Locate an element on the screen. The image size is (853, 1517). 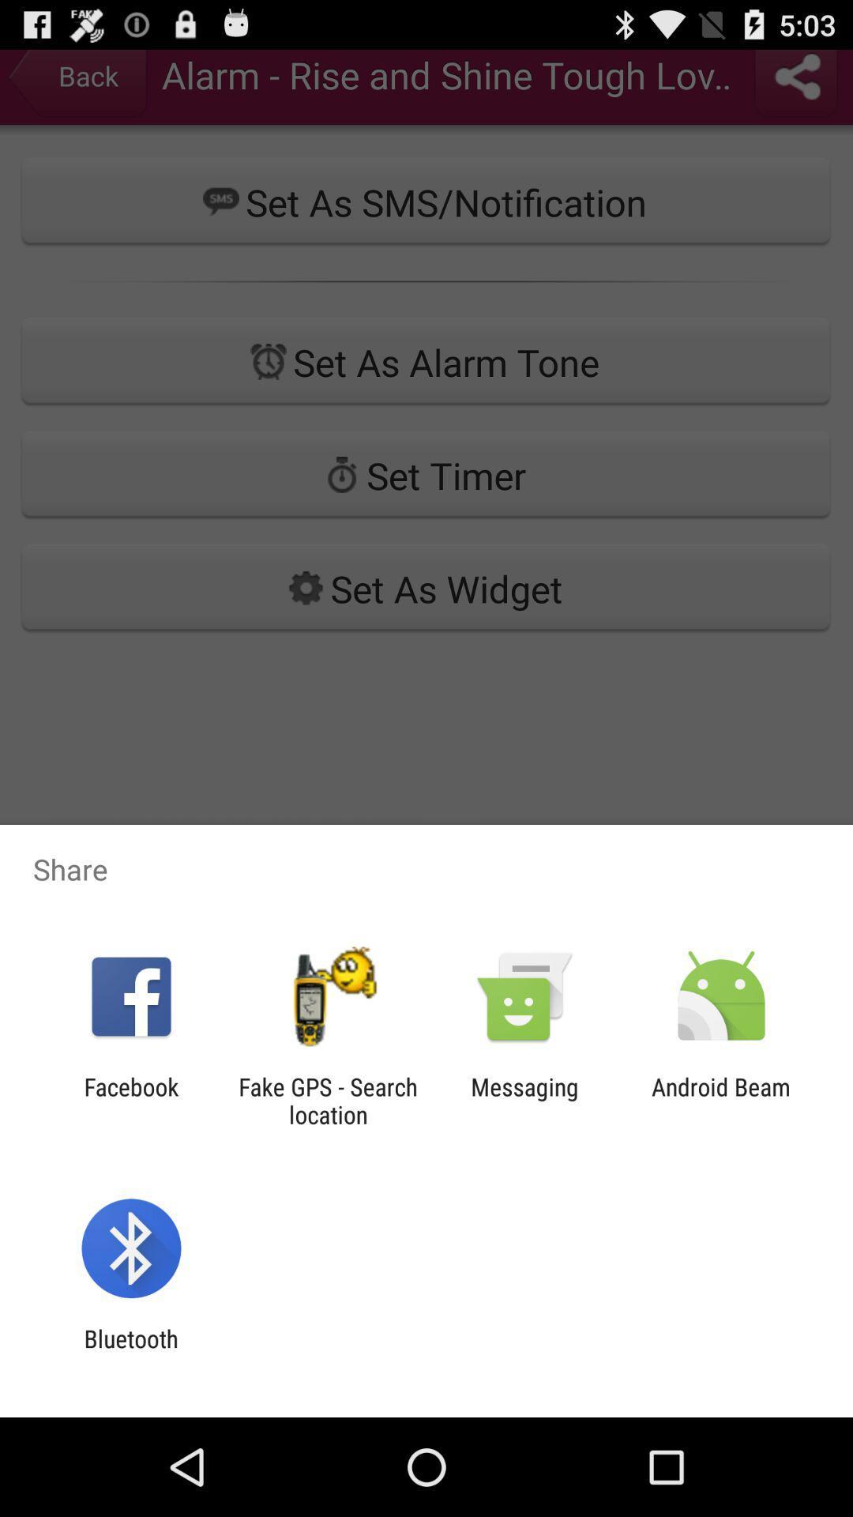
fake gps search icon is located at coordinates (327, 1100).